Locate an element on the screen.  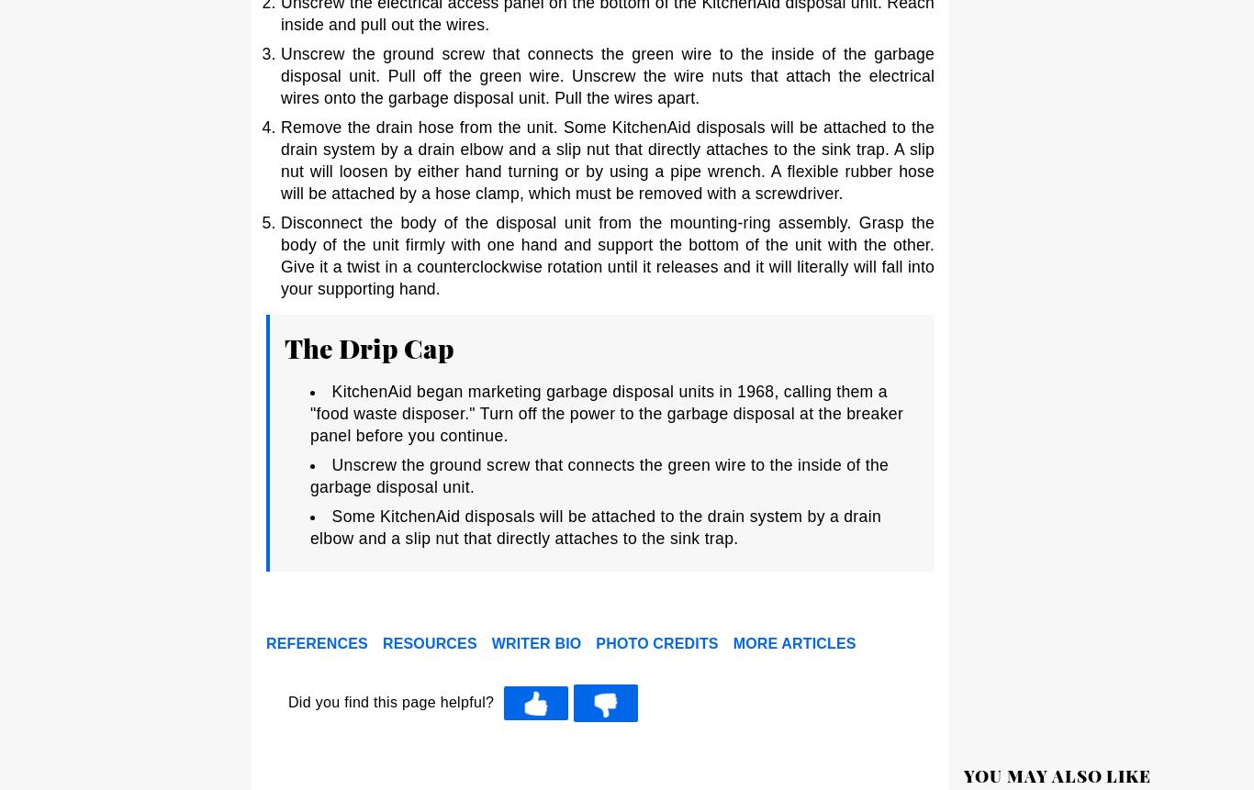
'Resources' is located at coordinates (429, 641).